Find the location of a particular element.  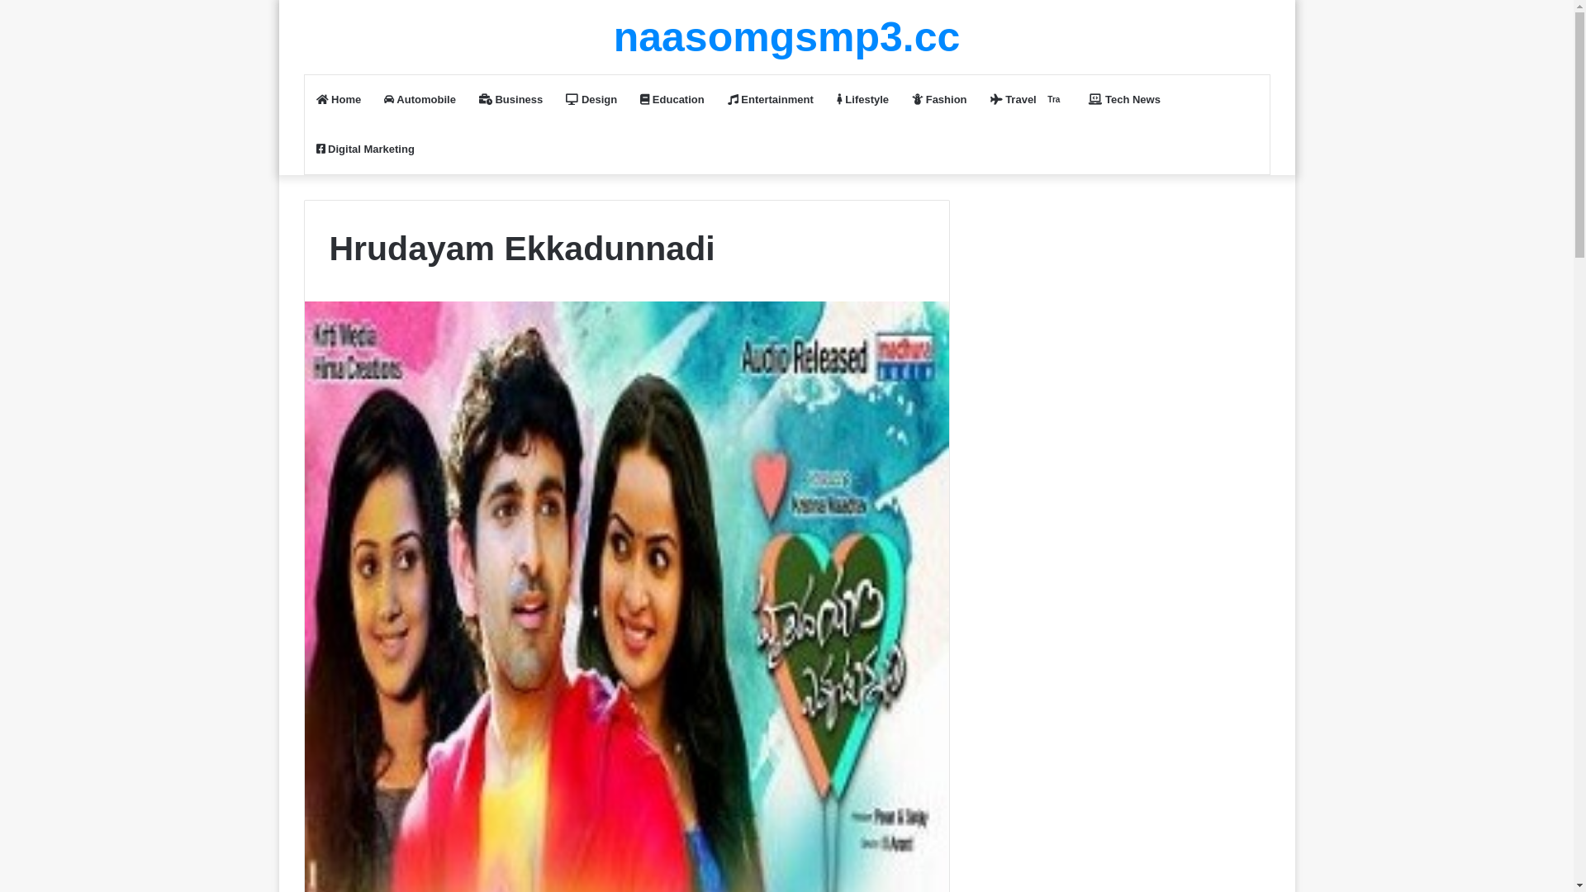

'Entertainment' is located at coordinates (769, 99).